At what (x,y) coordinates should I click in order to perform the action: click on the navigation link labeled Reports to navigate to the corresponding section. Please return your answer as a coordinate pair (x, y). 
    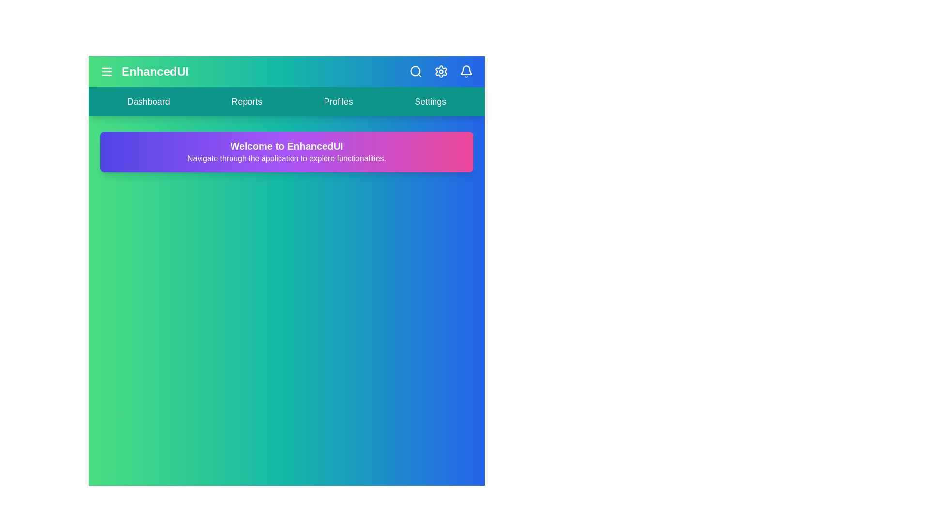
    Looking at the image, I should click on (247, 101).